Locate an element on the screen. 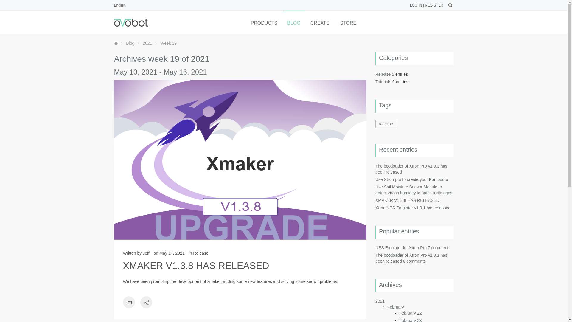  'REGISTER' is located at coordinates (434, 5).